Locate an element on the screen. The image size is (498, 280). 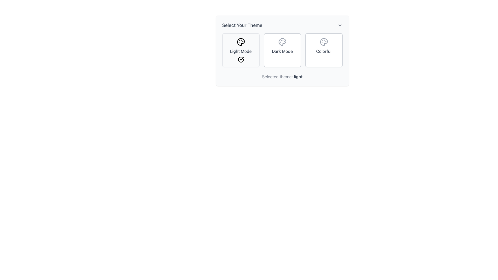
the text label that describes the 'Light Mode' theme option, located at the bottom-center of the 'Light Mode' option card is located at coordinates (240, 51).